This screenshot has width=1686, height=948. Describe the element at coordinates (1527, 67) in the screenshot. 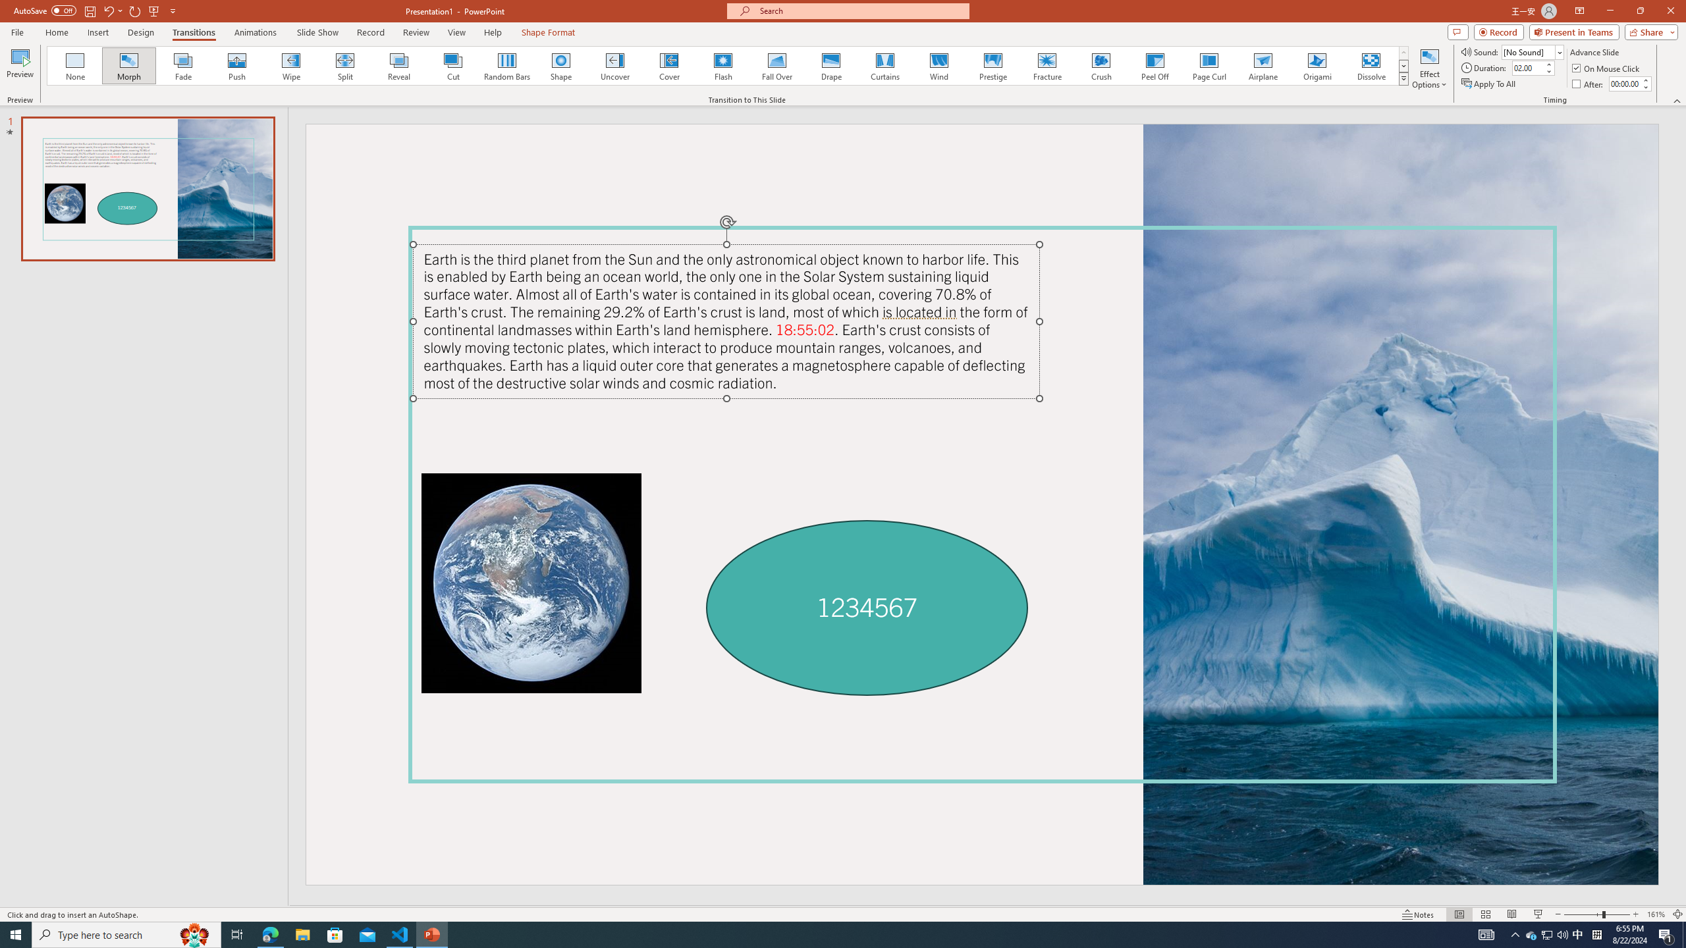

I see `'Duration'` at that location.